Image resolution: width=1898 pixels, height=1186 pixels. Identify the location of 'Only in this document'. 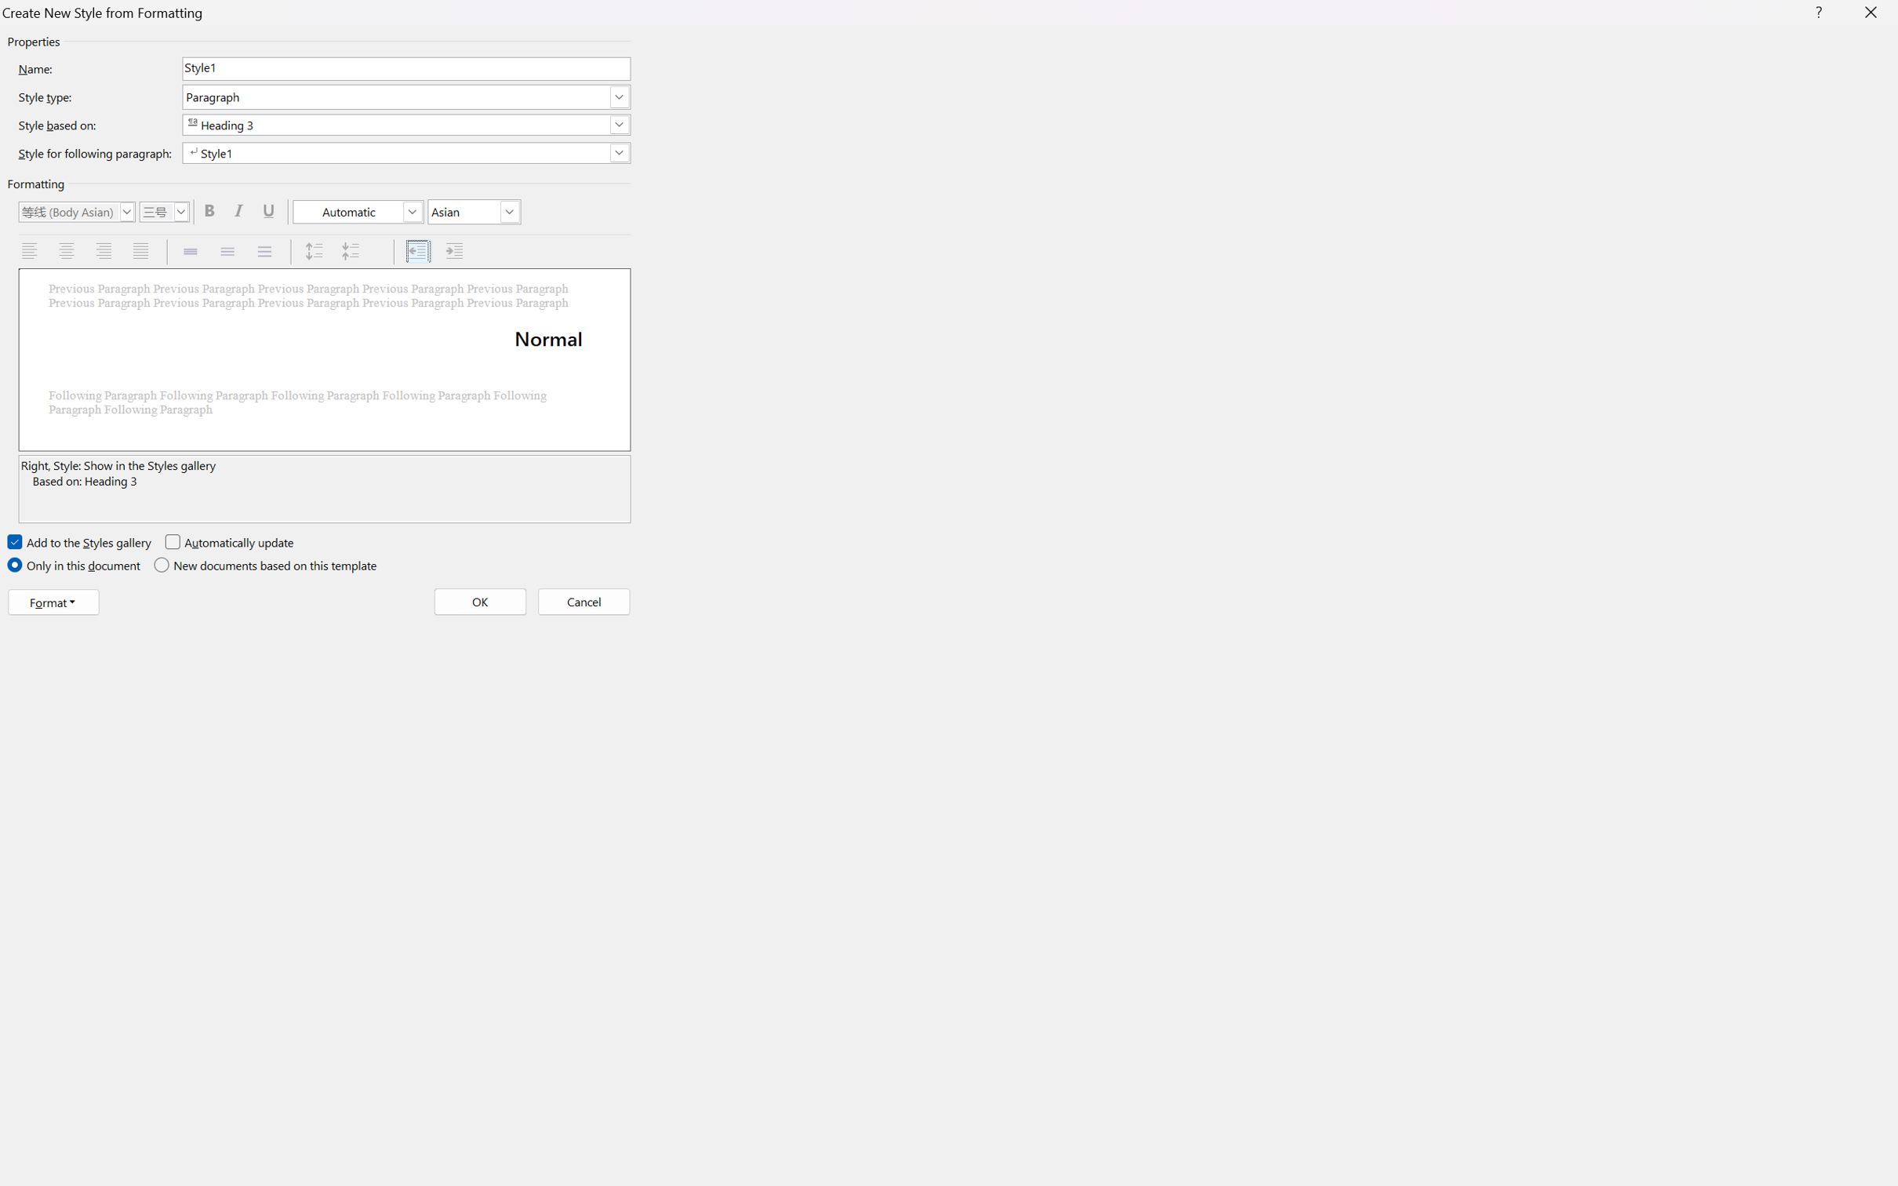
(75, 565).